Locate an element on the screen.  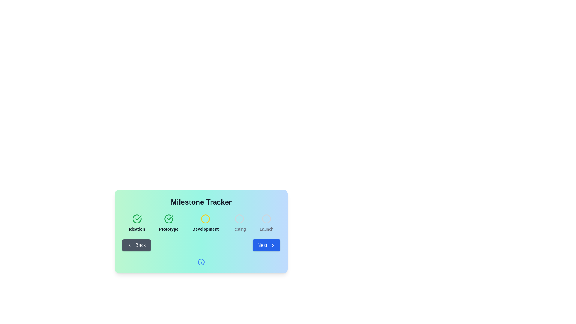
the labels of the Progress tracker is located at coordinates (201, 223).